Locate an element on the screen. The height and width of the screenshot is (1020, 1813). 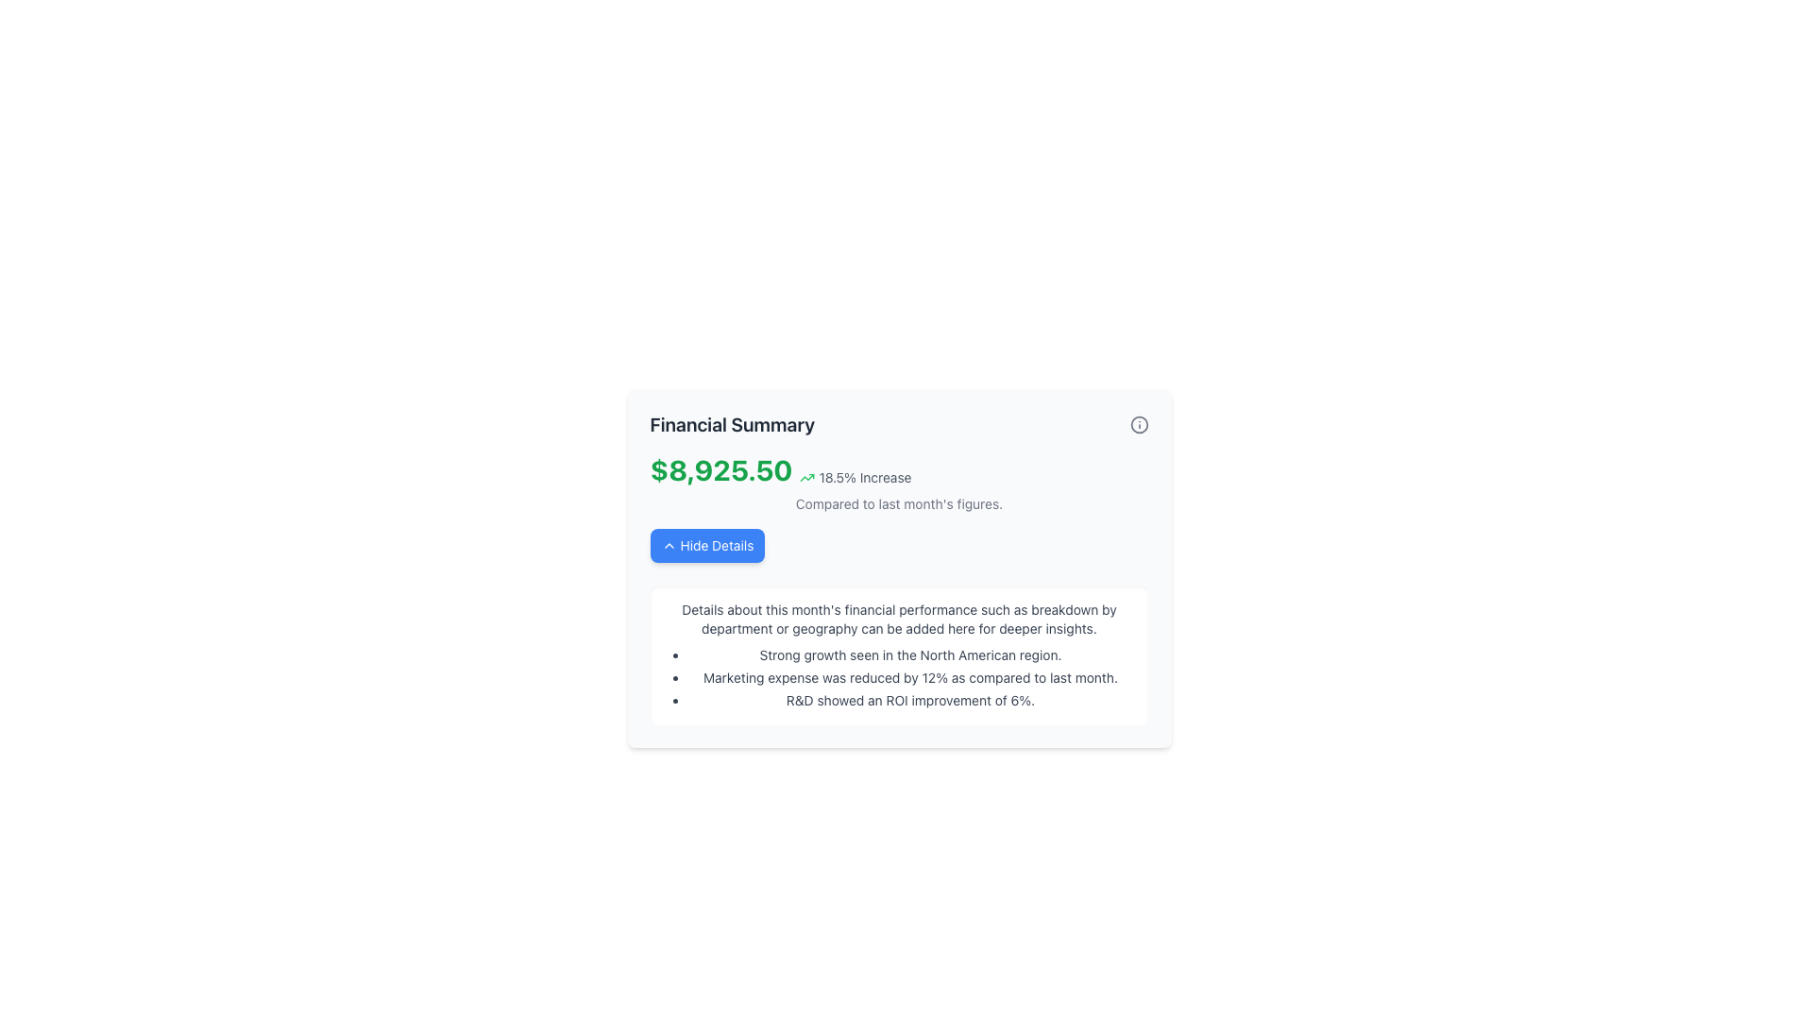
the static text displaying 'Compared to last month's figures.' located in the Financial Summary section, positioned below the financial summary and above the 'Hide Details' button is located at coordinates (898, 502).